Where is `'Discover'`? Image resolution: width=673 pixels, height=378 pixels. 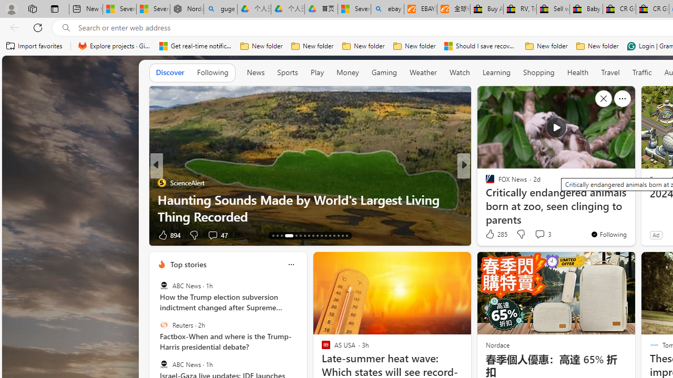 'Discover' is located at coordinates (170, 71).